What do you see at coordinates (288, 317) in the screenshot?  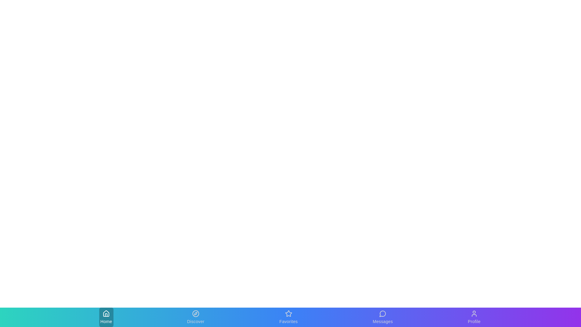 I see `the tab named Favorites` at bounding box center [288, 317].